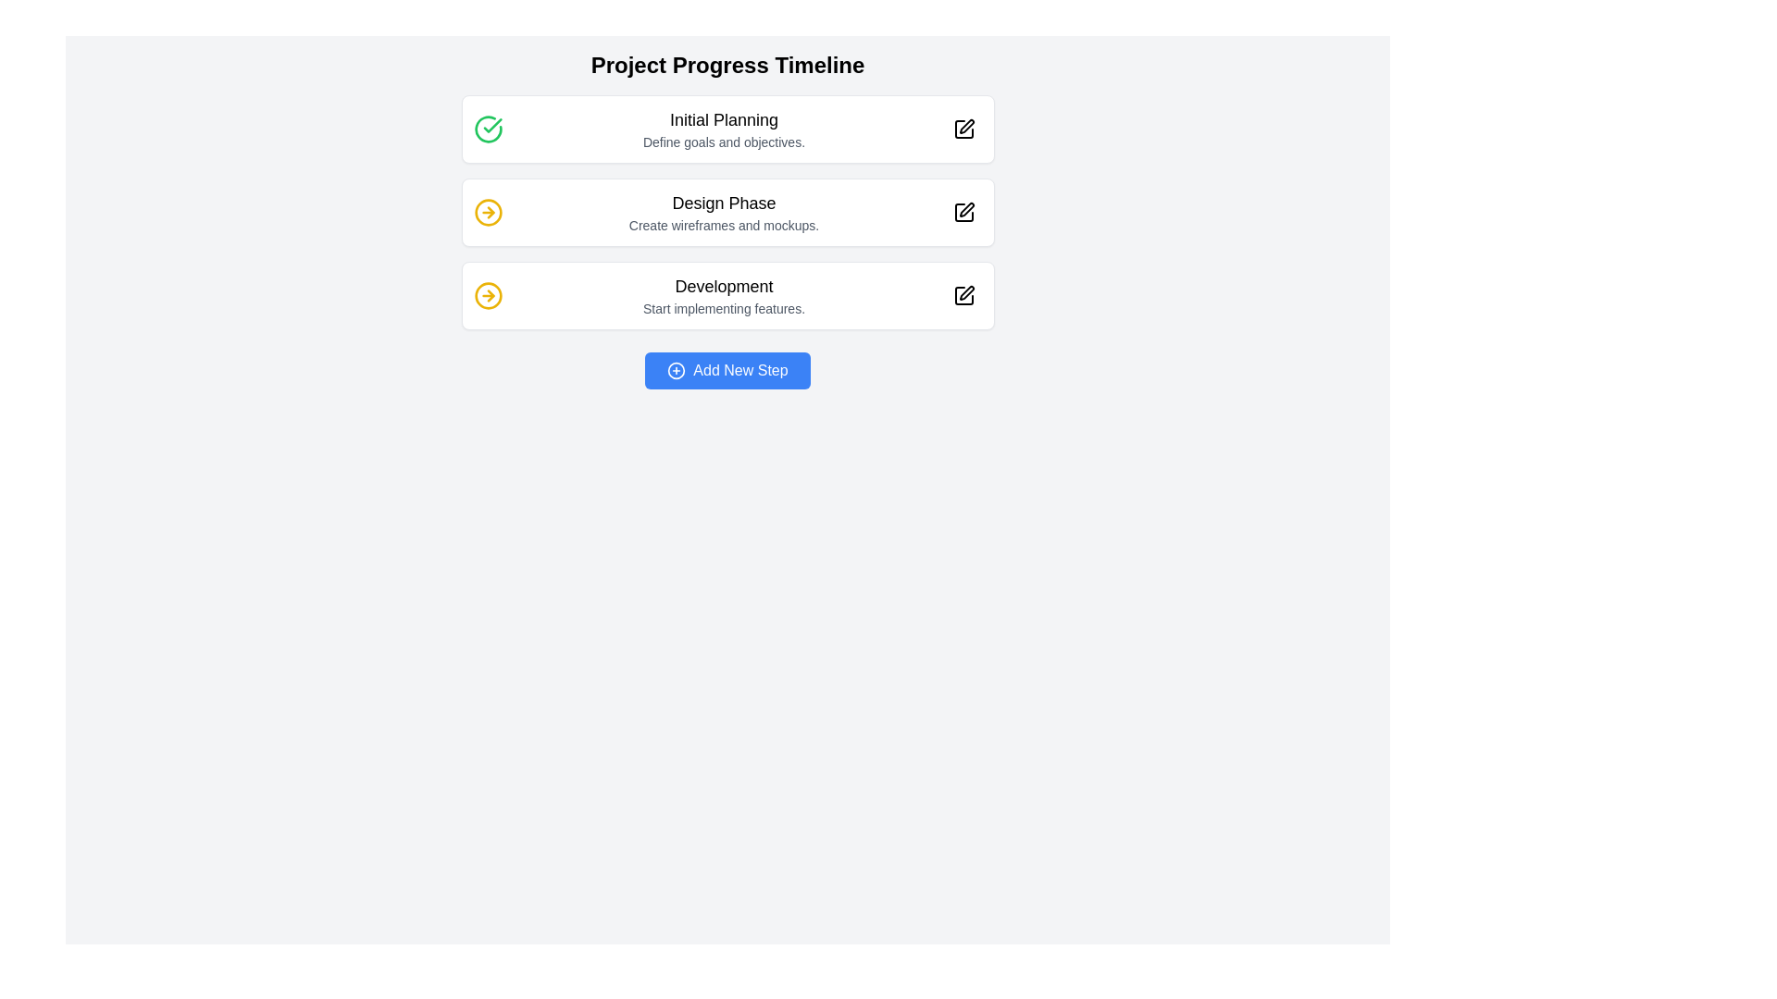  Describe the element at coordinates (723, 295) in the screenshot. I see `the informative title and description for the 'Development' phase located in the third item of the 'Project Progress Timeline' list` at that location.